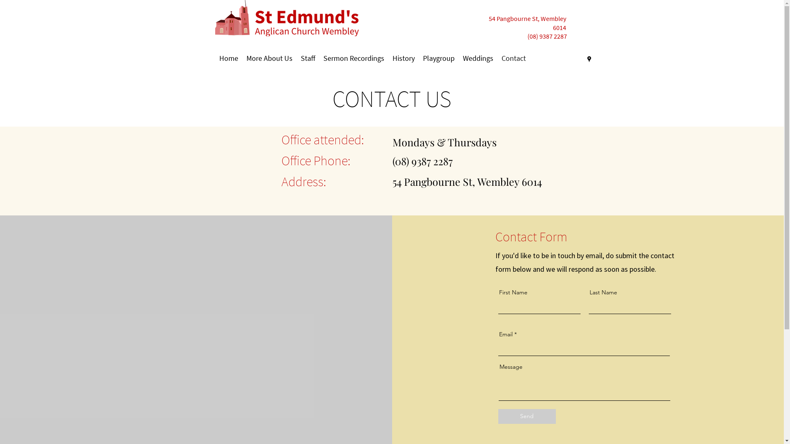 The height and width of the screenshot is (444, 790). I want to click on 'More About Us', so click(242, 58).